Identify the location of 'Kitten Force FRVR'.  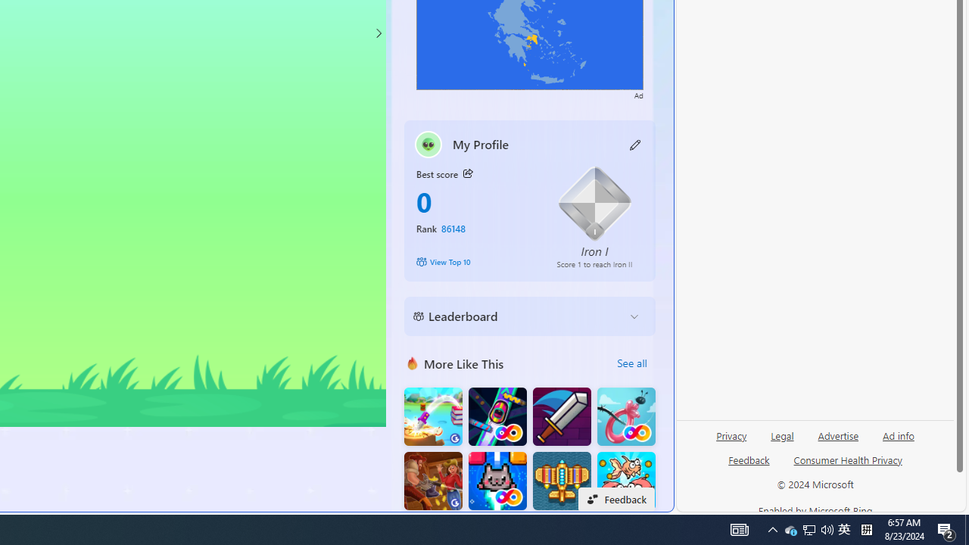
(497, 481).